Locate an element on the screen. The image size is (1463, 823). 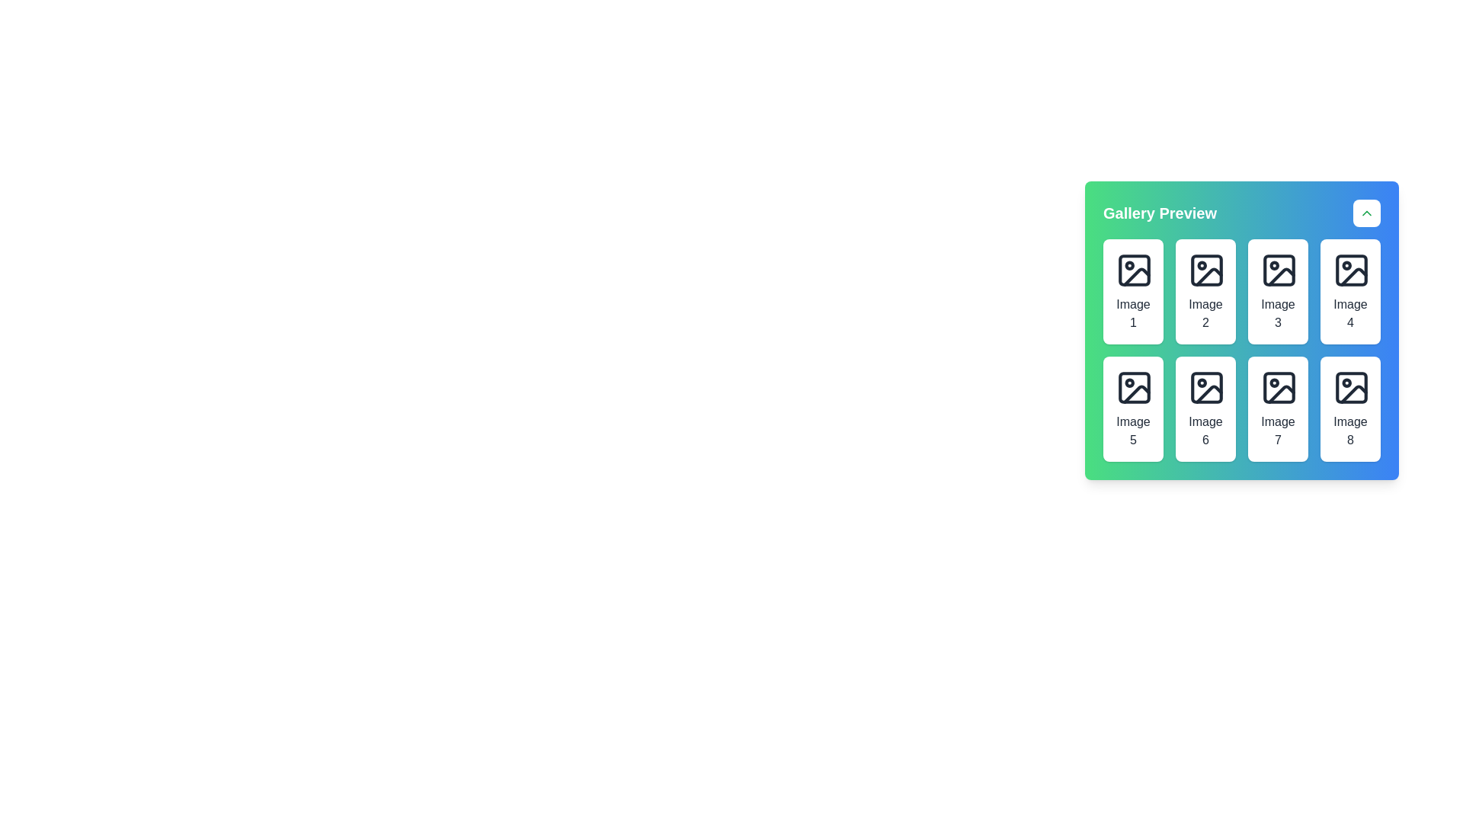
the graphical icon component that serves as an image placeholder in the gallery preview section, located at the top-left corner of the grid layout is located at coordinates (1134, 269).